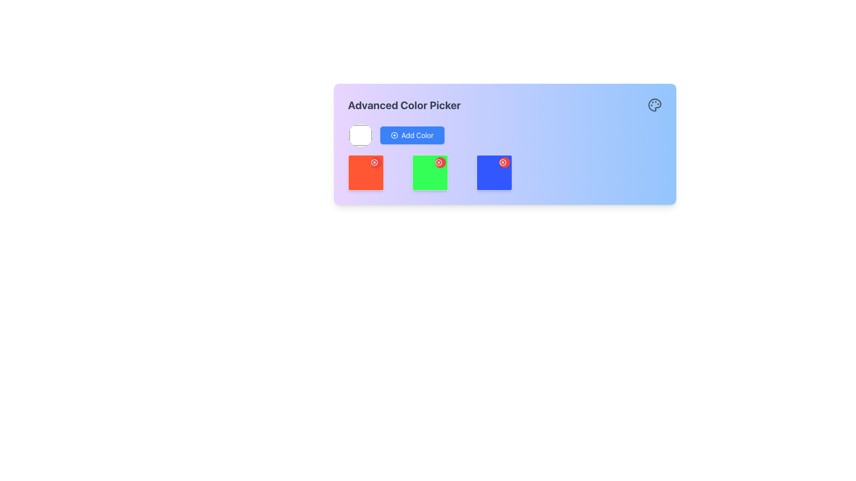 This screenshot has width=856, height=481. I want to click on the close button located in the top-right corner of the first red card in the Advanced Color Picker interface to observe the hover effect, so click(376, 163).